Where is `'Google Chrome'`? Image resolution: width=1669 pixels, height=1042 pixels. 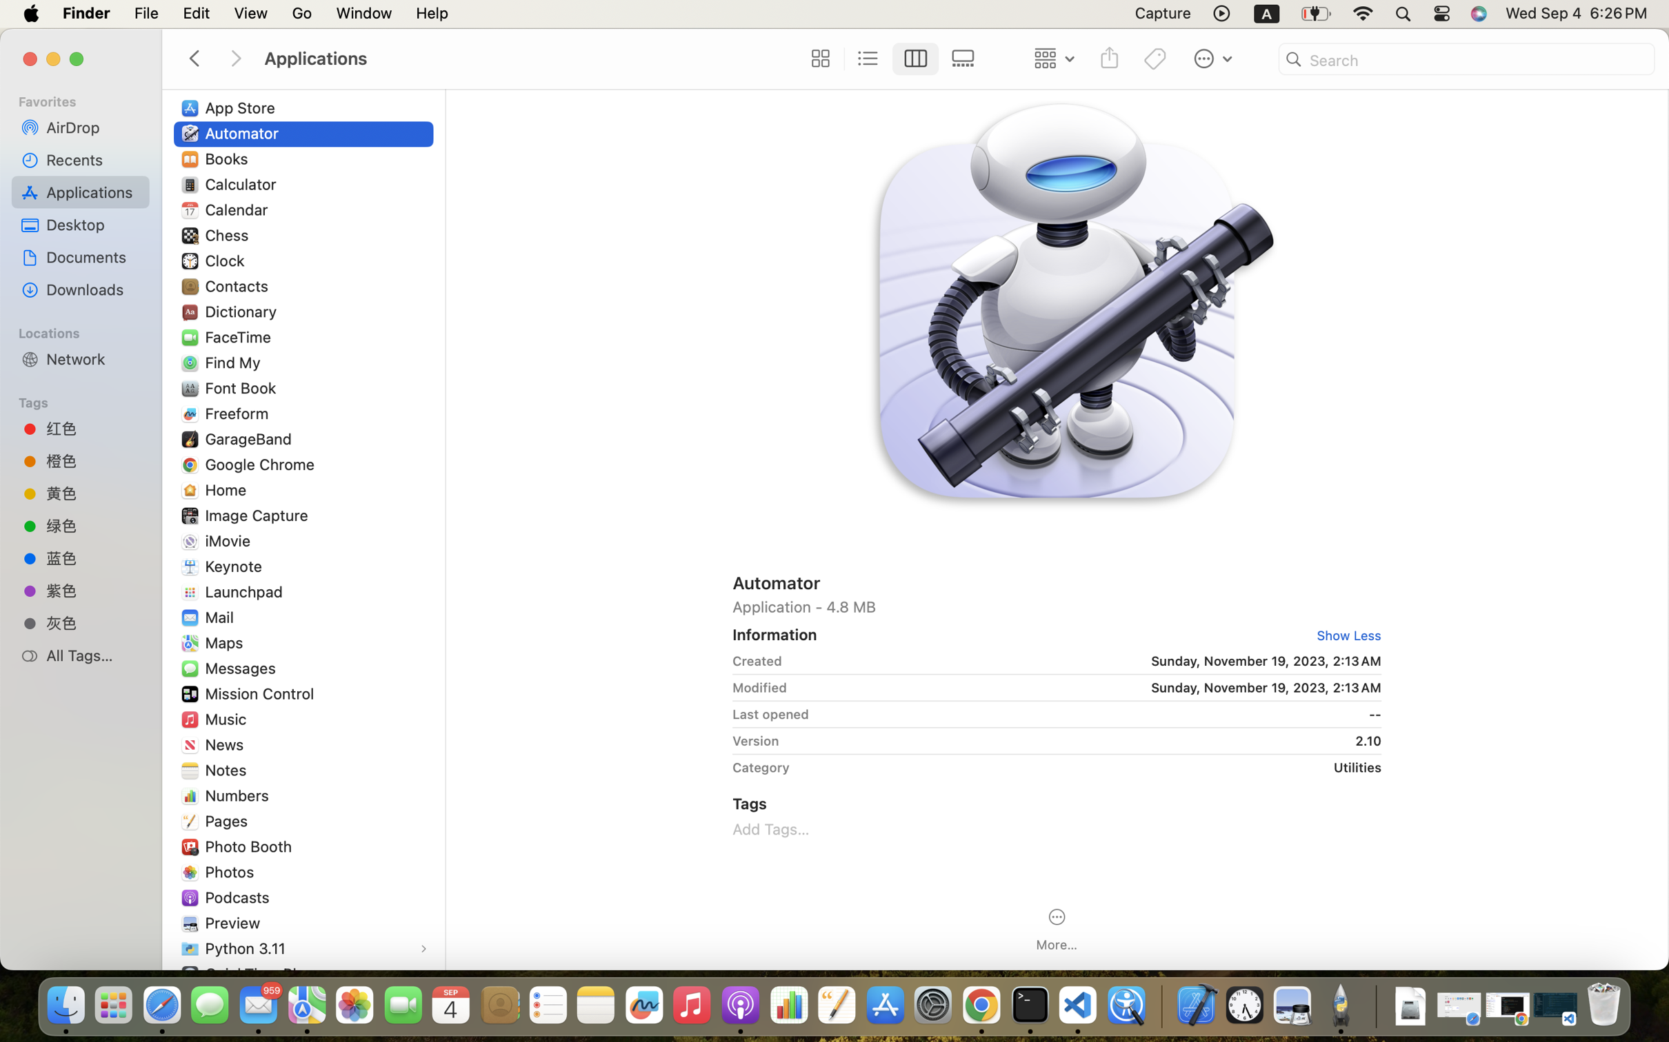
'Google Chrome' is located at coordinates (263, 464).